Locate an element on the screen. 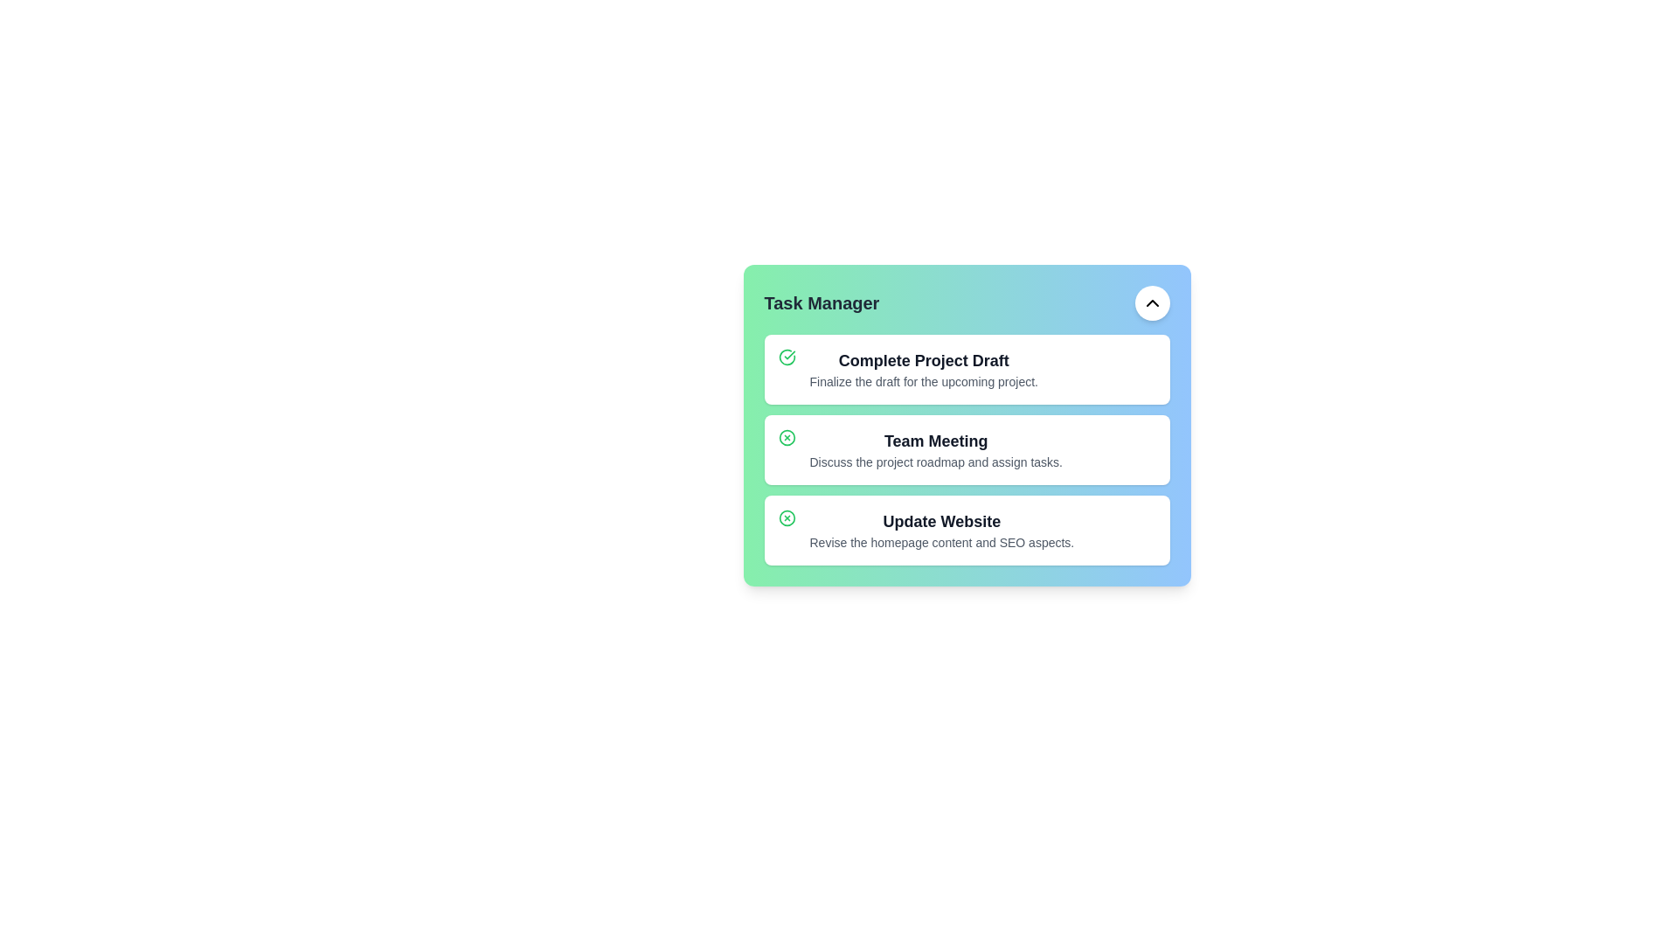 Image resolution: width=1678 pixels, height=944 pixels. the text of the task titled 'Team Meeting' is located at coordinates (935, 441).